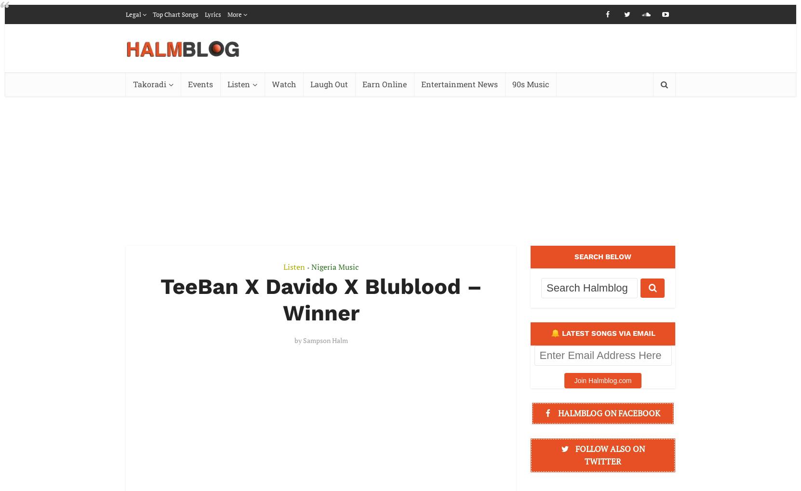 The width and height of the screenshot is (801, 491). Describe the element at coordinates (602, 257) in the screenshot. I see `'SEARCH BELOW'` at that location.